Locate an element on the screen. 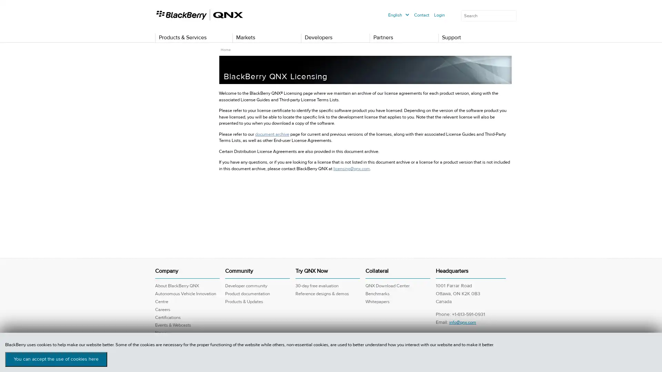 The height and width of the screenshot is (372, 662). You can accept the use of cookies here is located at coordinates (56, 359).